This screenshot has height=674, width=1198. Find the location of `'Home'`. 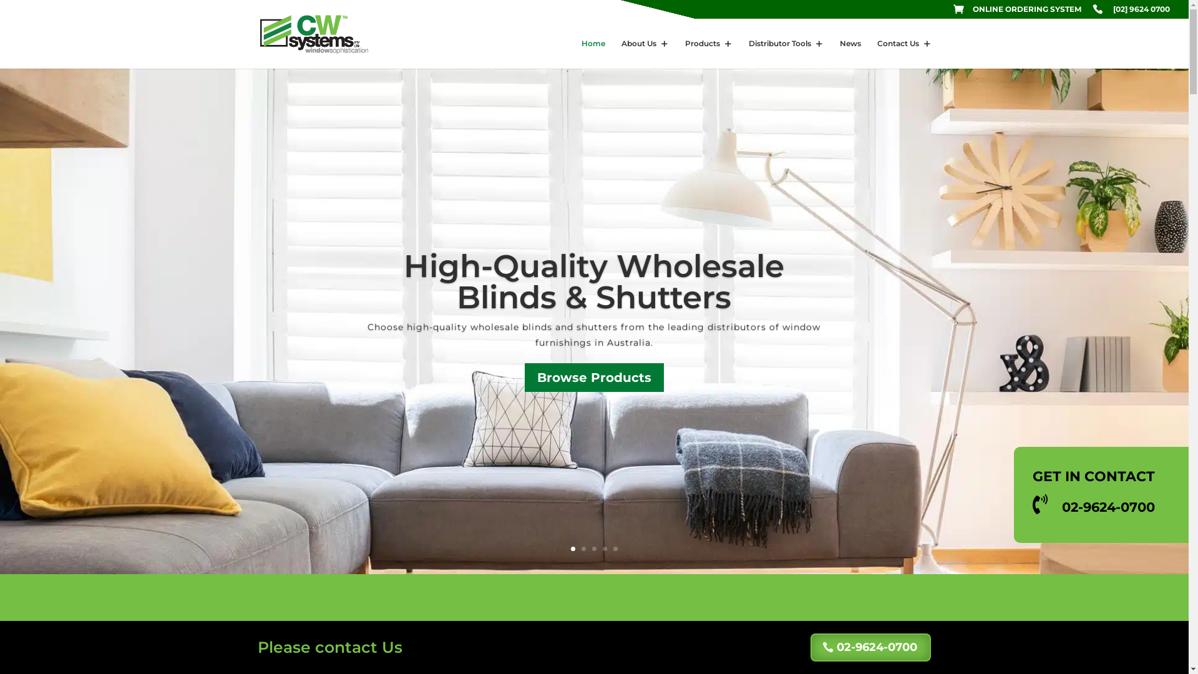

'Home' is located at coordinates (592, 53).